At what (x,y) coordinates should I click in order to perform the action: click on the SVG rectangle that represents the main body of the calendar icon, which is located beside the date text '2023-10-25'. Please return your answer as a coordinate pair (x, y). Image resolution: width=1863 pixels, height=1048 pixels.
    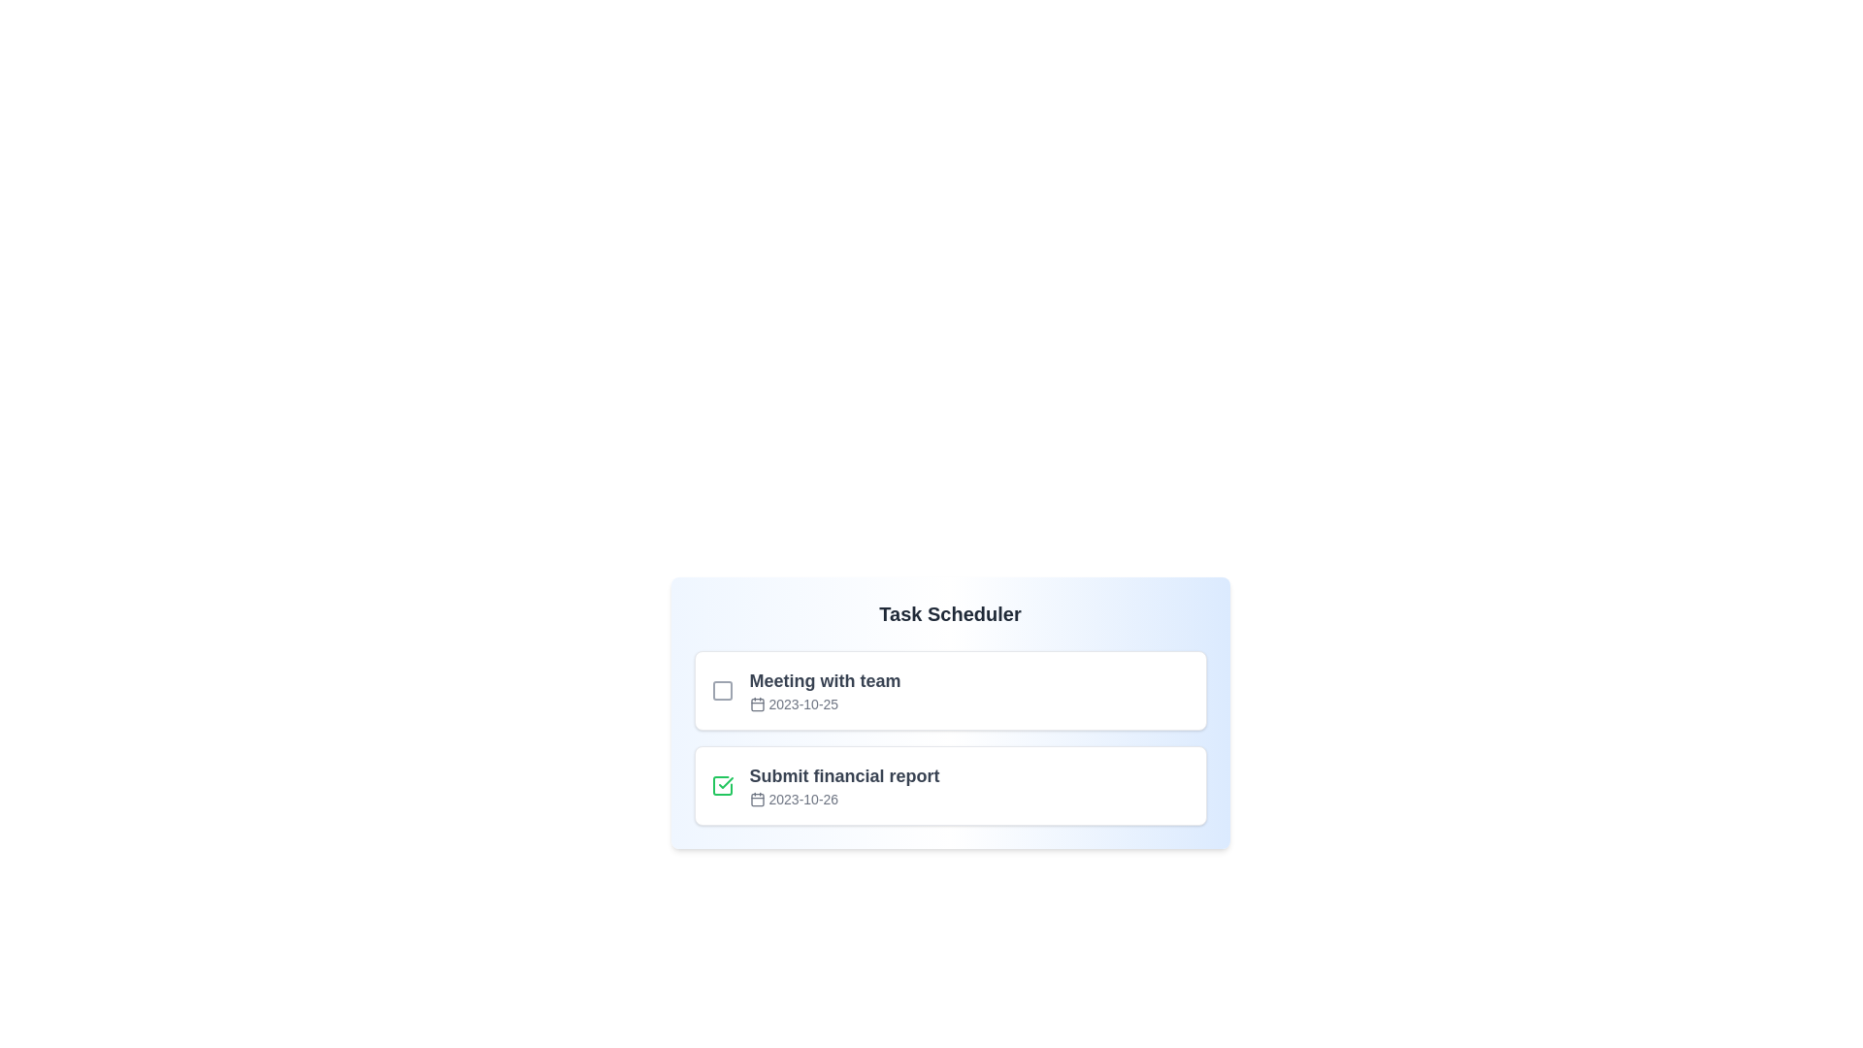
    Looking at the image, I should click on (756, 704).